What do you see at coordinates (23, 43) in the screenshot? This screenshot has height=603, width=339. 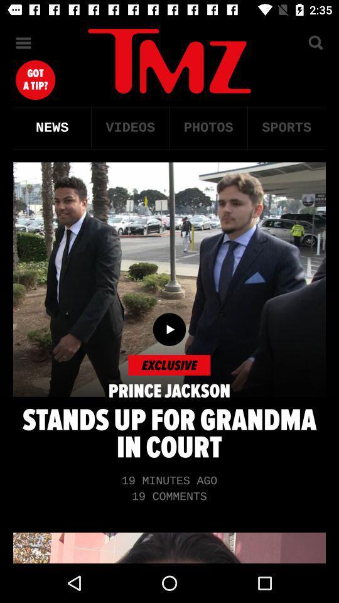 I see `the menu icon` at bounding box center [23, 43].